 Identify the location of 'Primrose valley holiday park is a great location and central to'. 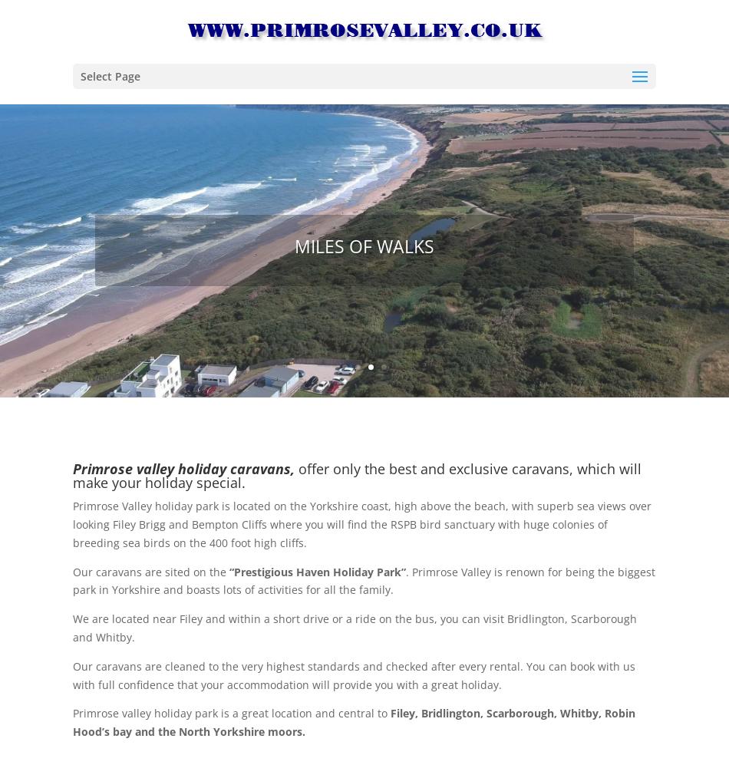
(229, 713).